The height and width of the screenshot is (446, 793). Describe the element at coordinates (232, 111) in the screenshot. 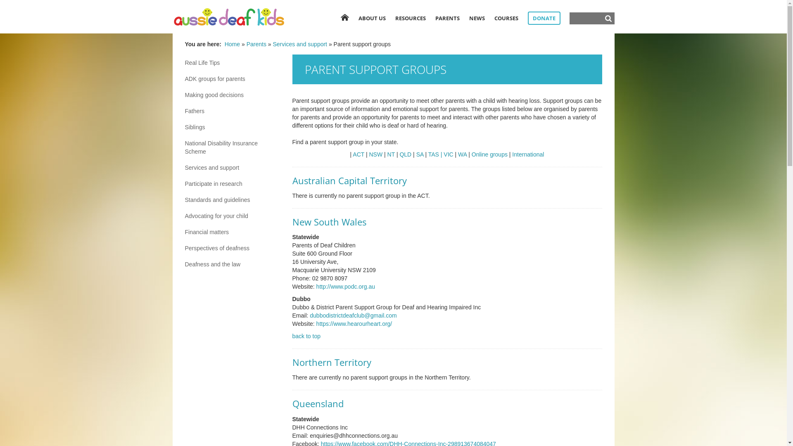

I see `'Fathers'` at that location.